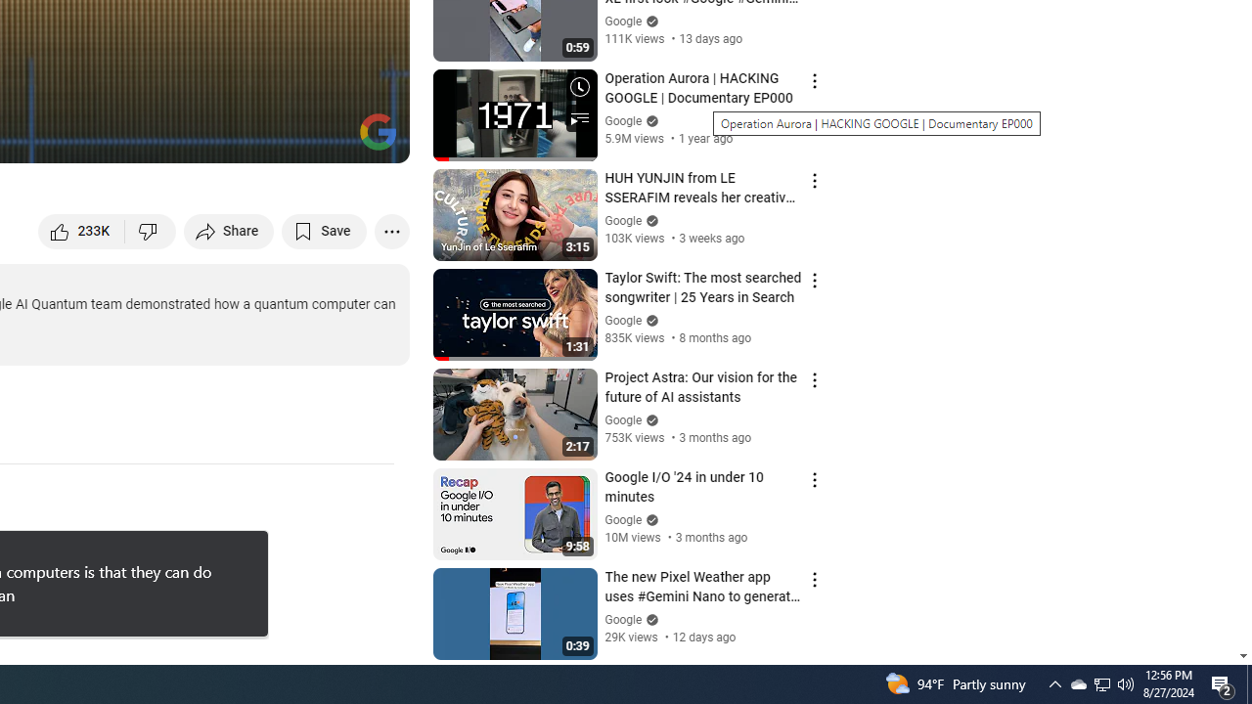 The image size is (1252, 704). What do you see at coordinates (138, 138) in the screenshot?
I see `'Autoplay is on'` at bounding box center [138, 138].